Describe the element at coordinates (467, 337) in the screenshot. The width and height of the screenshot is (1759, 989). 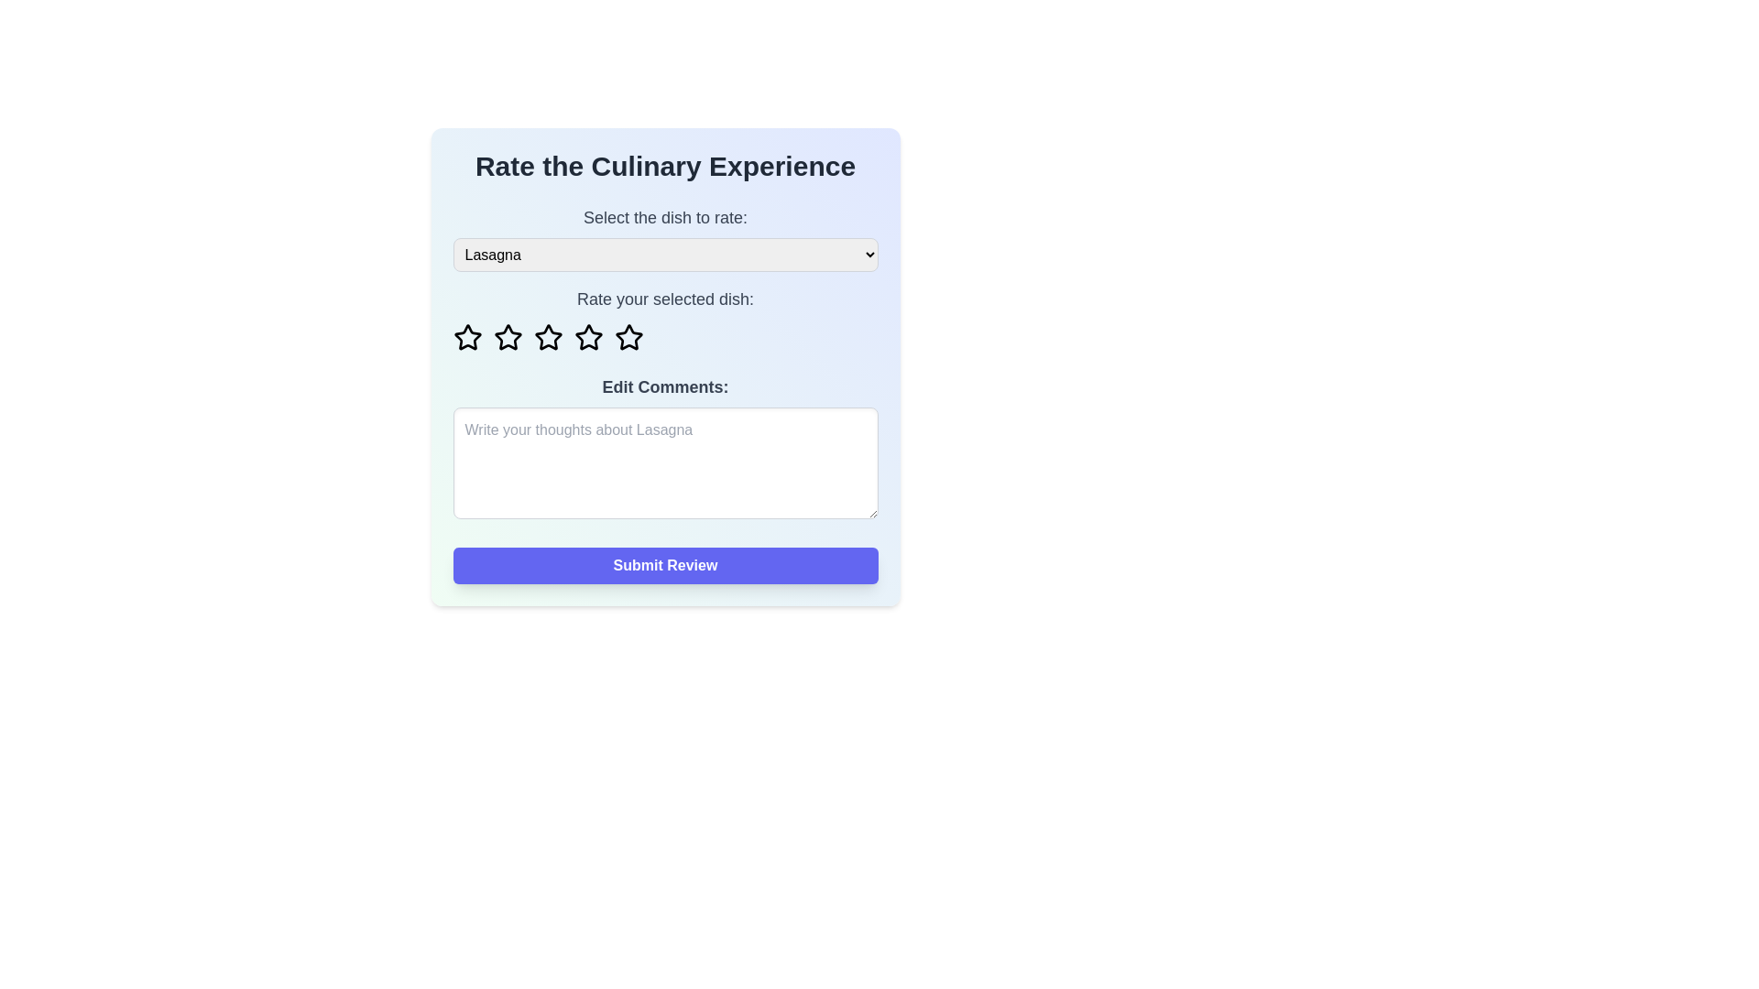
I see `the first star-shaped rating icon, which is outlined and located directly below the 'Rate your selected dish:' label` at that location.